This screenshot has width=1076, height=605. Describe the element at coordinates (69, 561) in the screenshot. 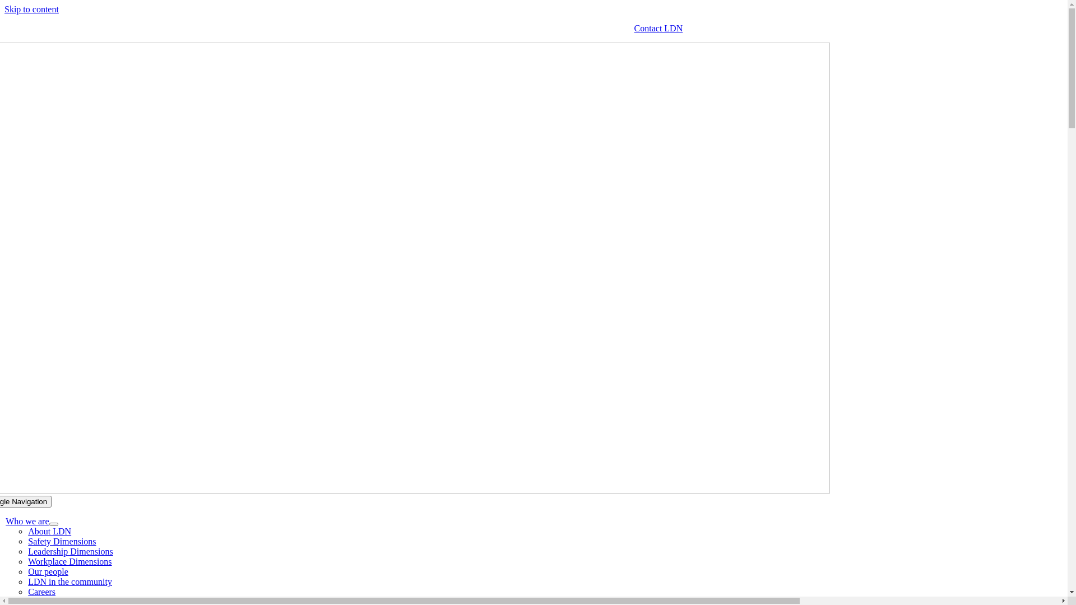

I see `'Workplace Dimensions'` at that location.